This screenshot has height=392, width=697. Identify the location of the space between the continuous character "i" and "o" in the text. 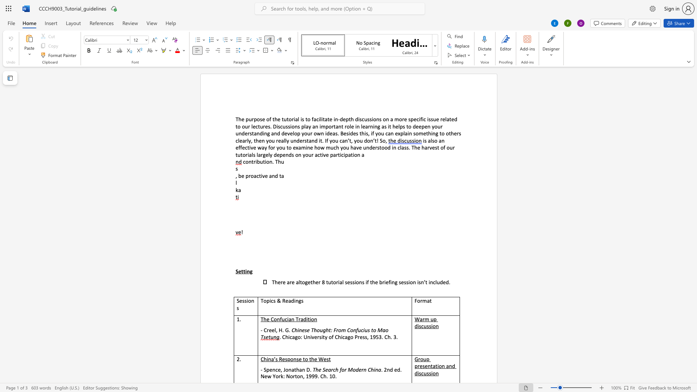
(266, 161).